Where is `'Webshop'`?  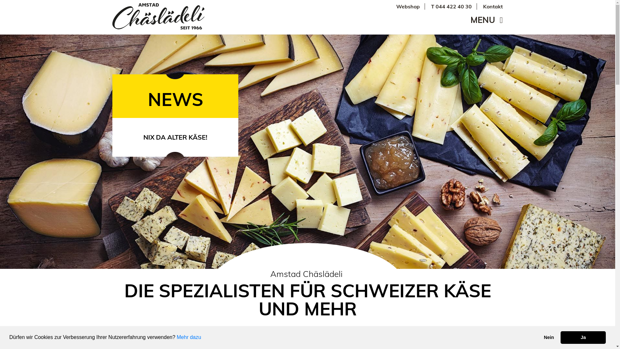 'Webshop' is located at coordinates (408, 6).